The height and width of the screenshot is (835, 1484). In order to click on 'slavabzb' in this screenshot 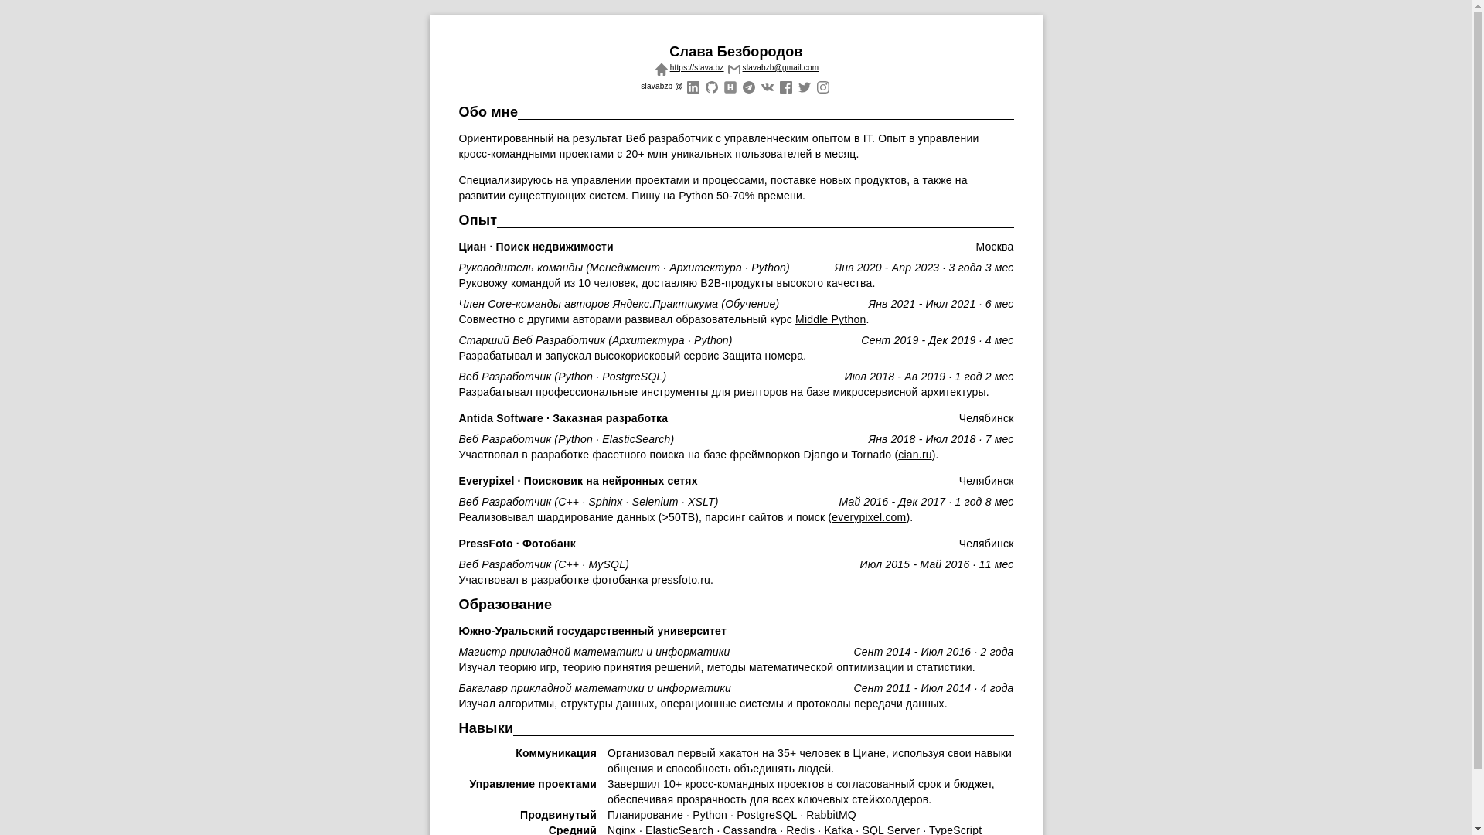, I will do `click(822, 85)`.